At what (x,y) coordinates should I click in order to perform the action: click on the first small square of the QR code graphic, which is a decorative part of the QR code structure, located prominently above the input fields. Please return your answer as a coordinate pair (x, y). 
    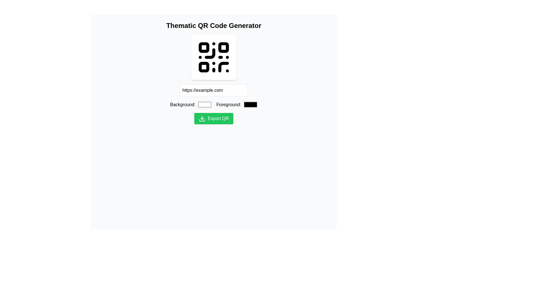
    Looking at the image, I should click on (204, 47).